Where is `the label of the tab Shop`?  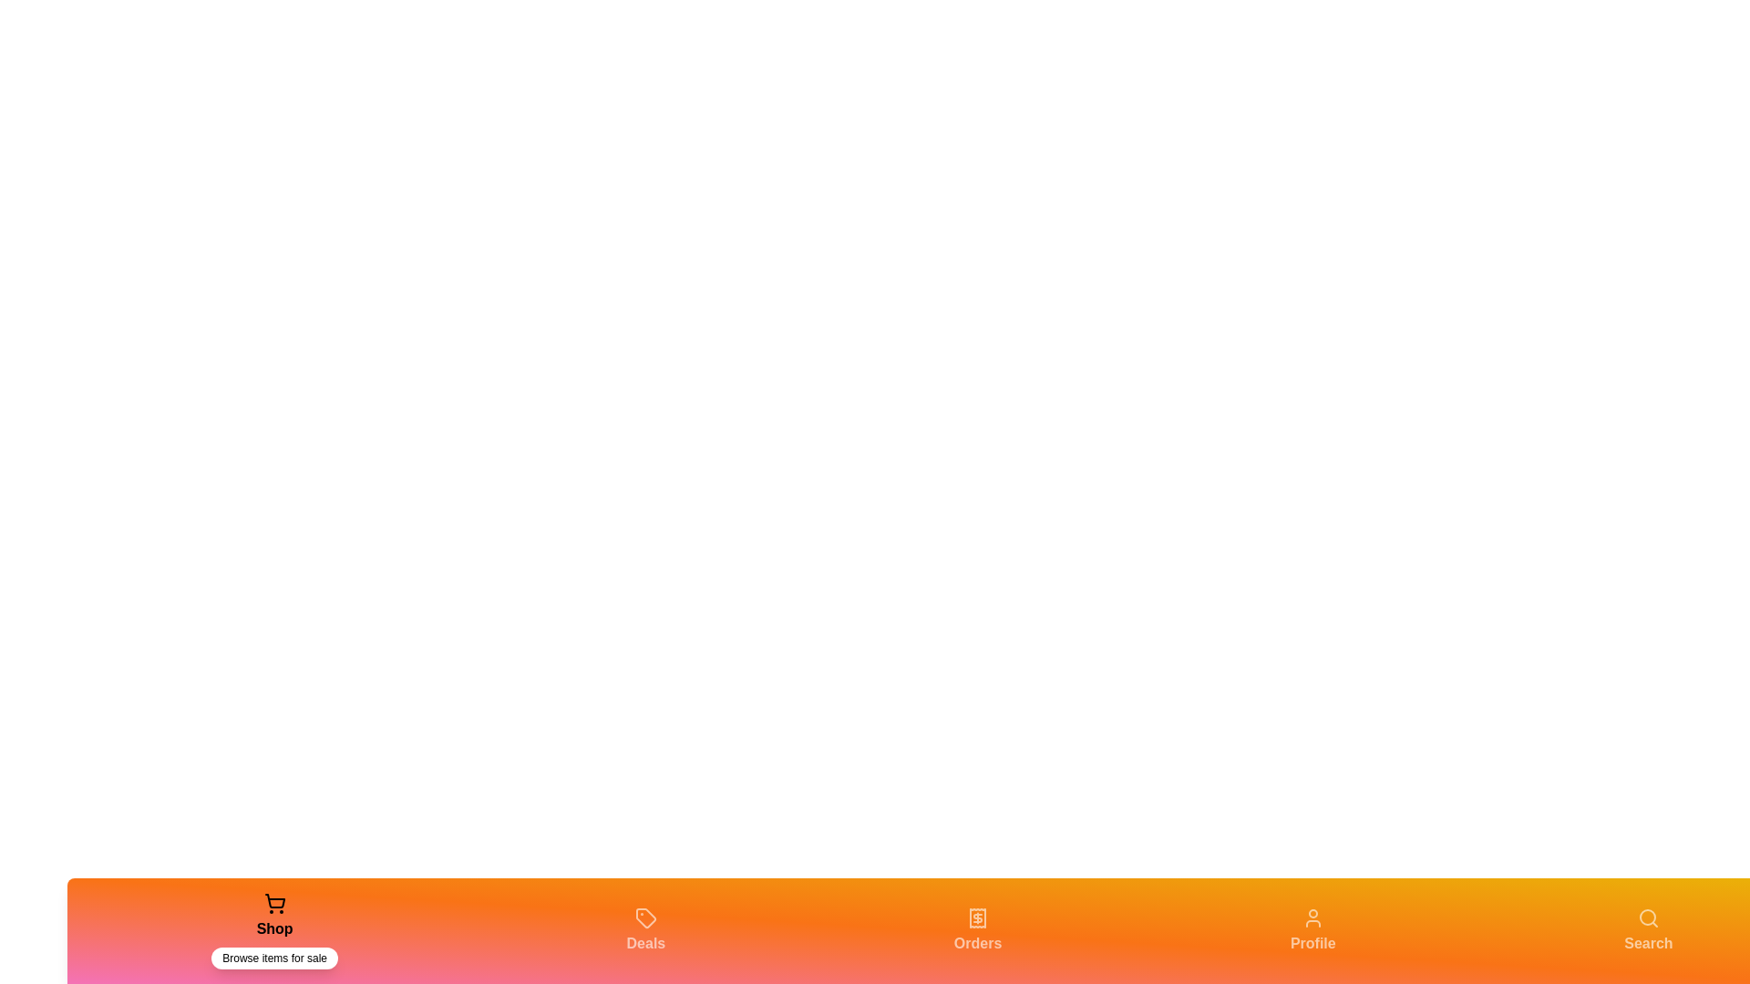
the label of the tab Shop is located at coordinates (273, 928).